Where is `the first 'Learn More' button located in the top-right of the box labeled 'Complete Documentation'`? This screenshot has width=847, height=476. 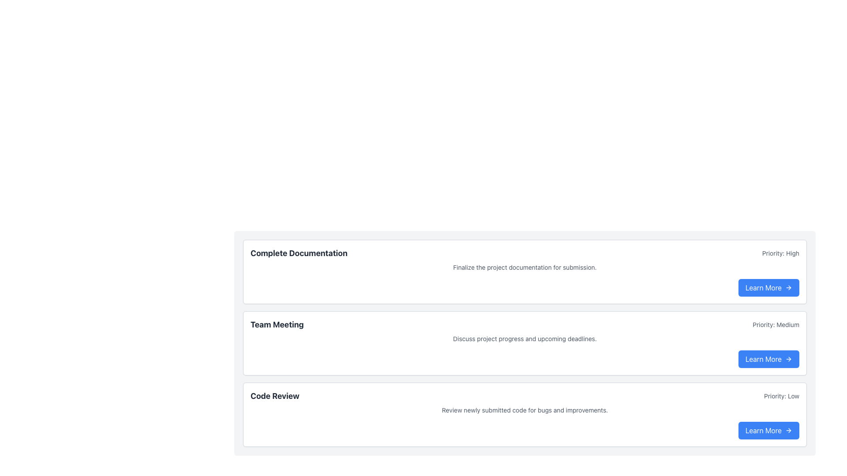 the first 'Learn More' button located in the top-right of the box labeled 'Complete Documentation' is located at coordinates (768, 287).